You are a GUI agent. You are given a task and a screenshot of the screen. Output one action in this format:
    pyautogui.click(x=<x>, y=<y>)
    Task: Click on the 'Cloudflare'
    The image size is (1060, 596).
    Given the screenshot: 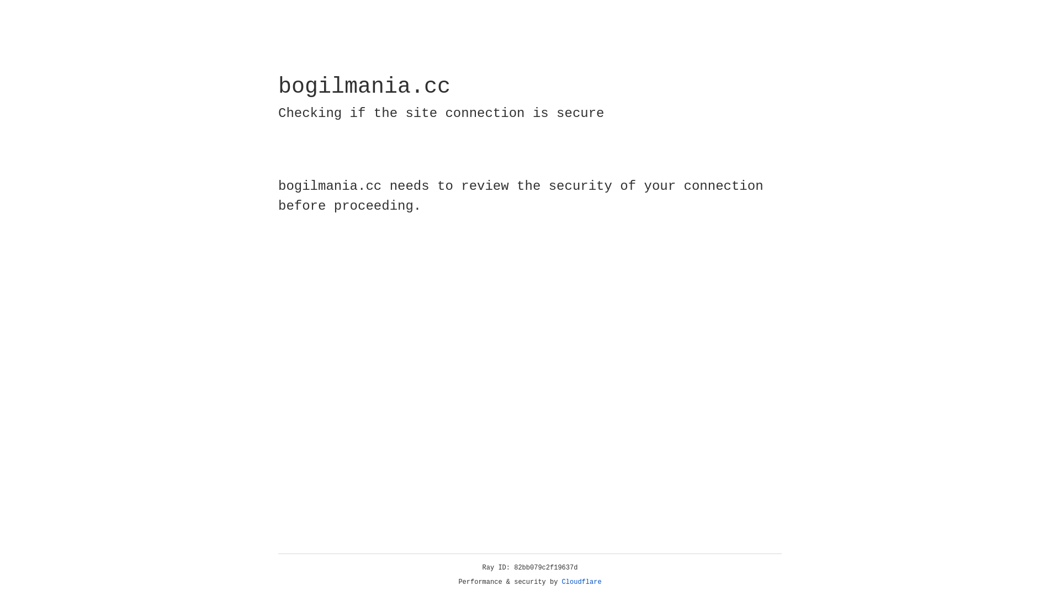 What is the action you would take?
    pyautogui.click(x=561, y=582)
    